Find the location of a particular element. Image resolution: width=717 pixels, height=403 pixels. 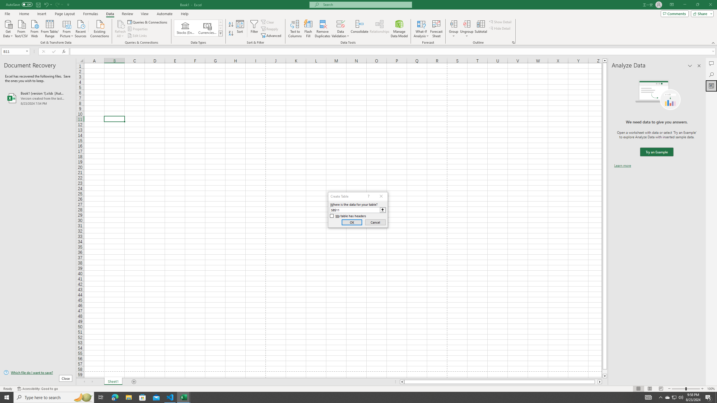

'Flash Fill' is located at coordinates (308, 29).